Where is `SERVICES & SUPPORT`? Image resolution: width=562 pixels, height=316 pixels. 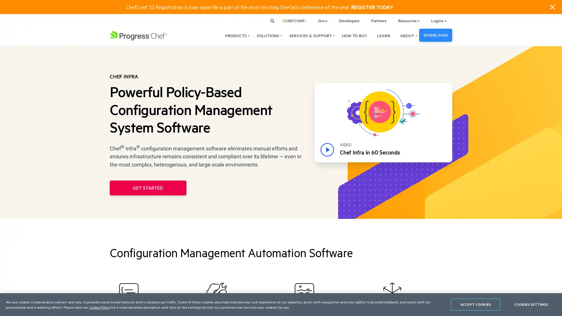
SERVICES & SUPPORT is located at coordinates (297, 36).